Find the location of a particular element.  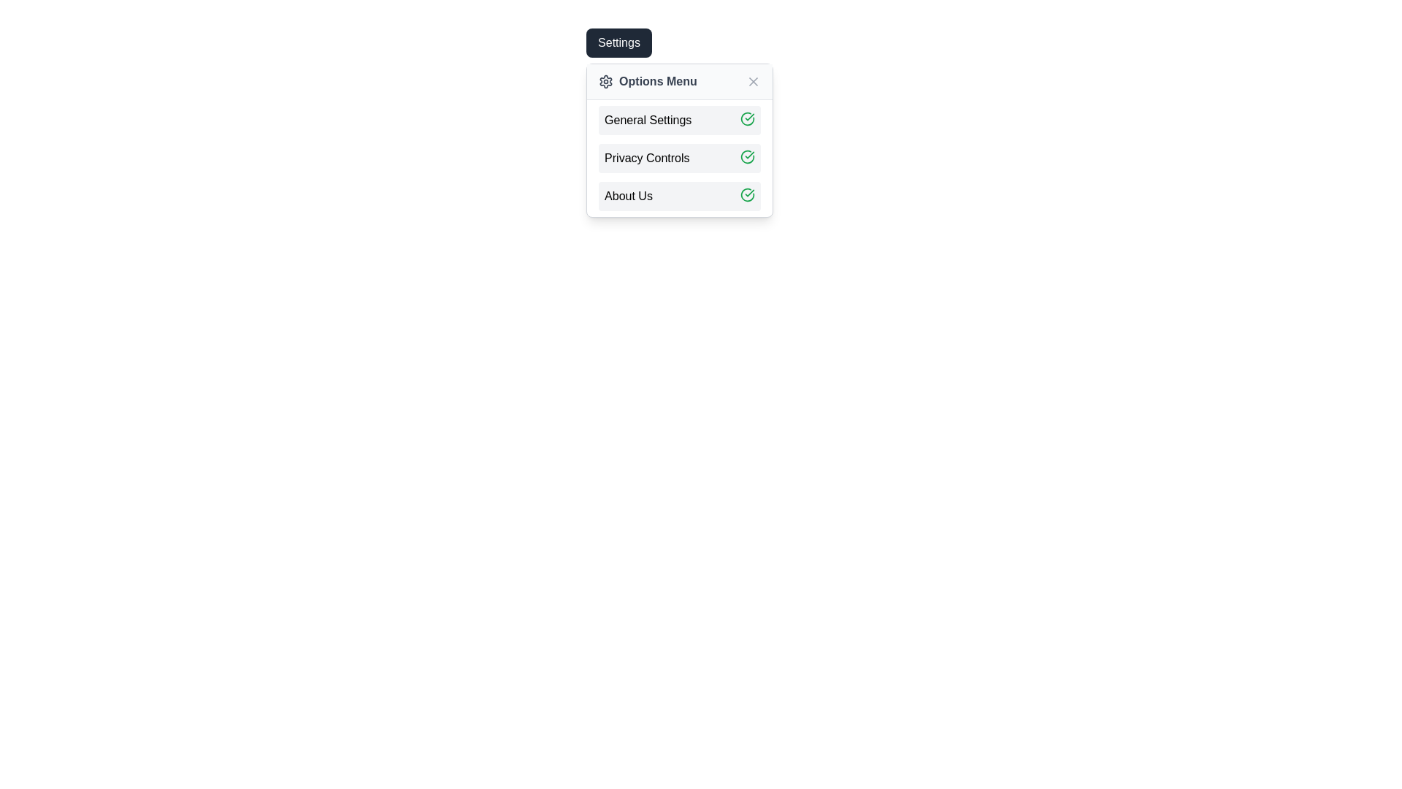

the 'X' icon styled close button located on the far right of the 'Options Menu' is located at coordinates (754, 81).